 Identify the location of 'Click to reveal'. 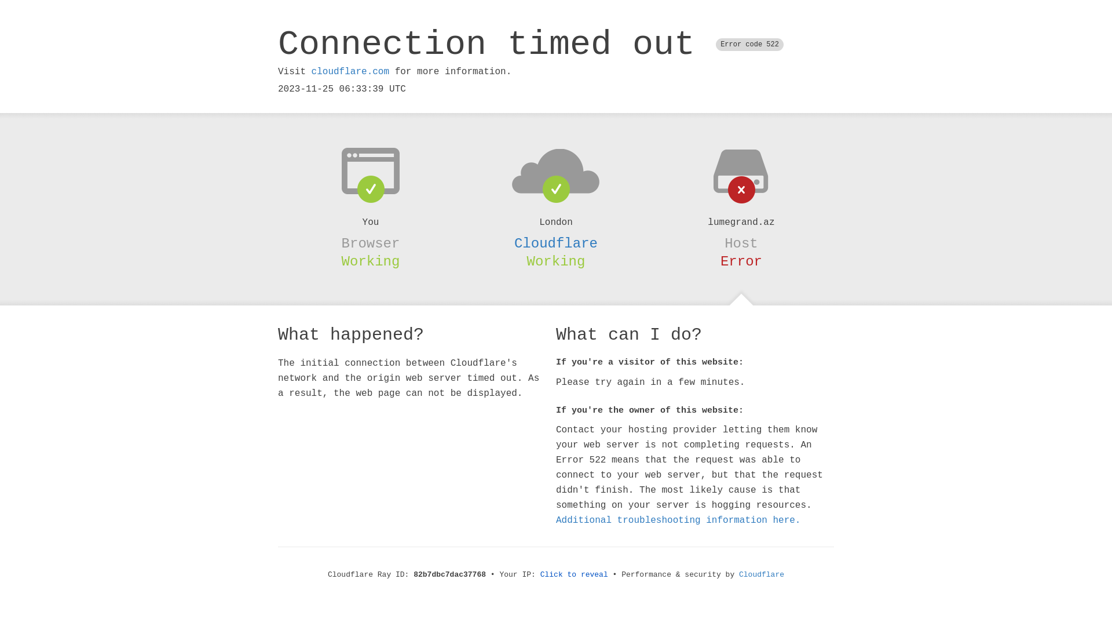
(574, 574).